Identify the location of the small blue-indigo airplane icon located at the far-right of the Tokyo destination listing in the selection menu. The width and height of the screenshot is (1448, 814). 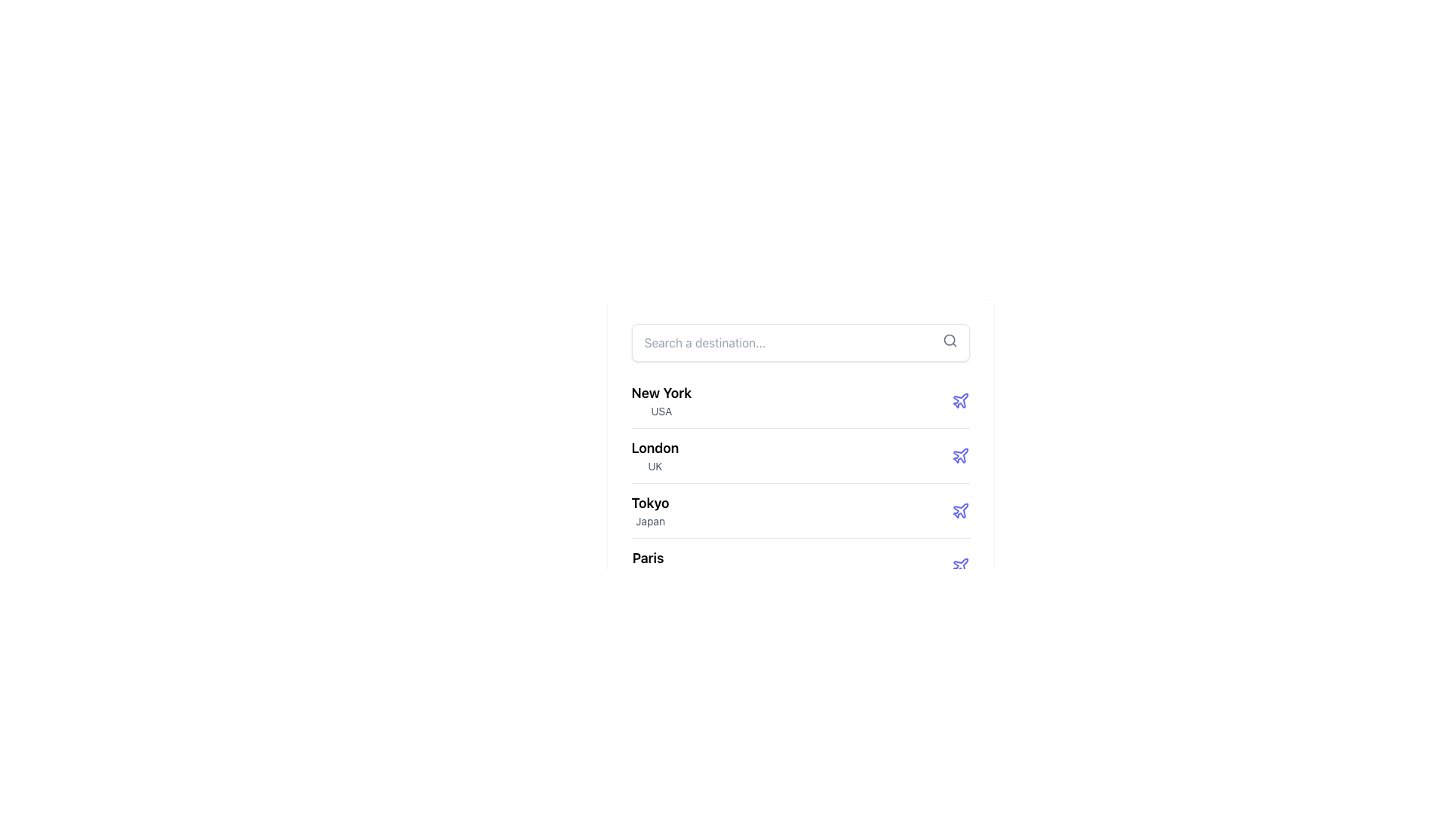
(959, 510).